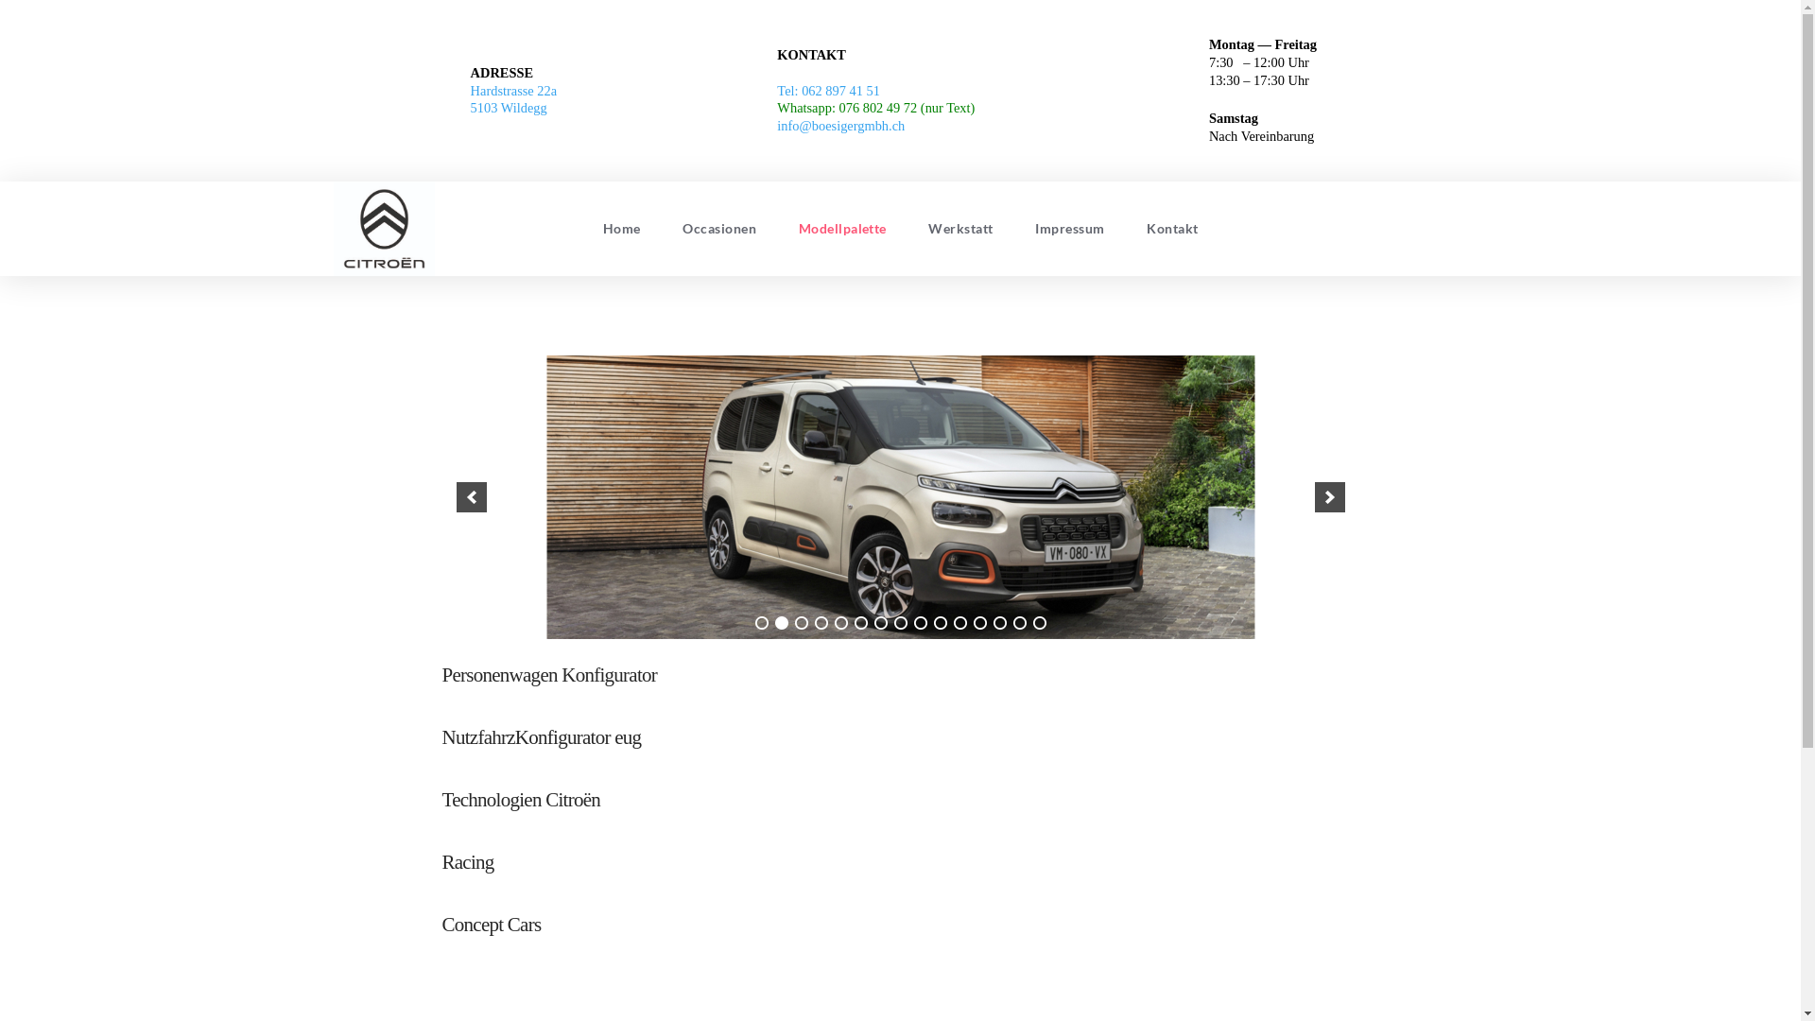 The height and width of the screenshot is (1021, 1815). Describe the element at coordinates (541, 735) in the screenshot. I see `'NutzfahrzKonfigurator eug'` at that location.